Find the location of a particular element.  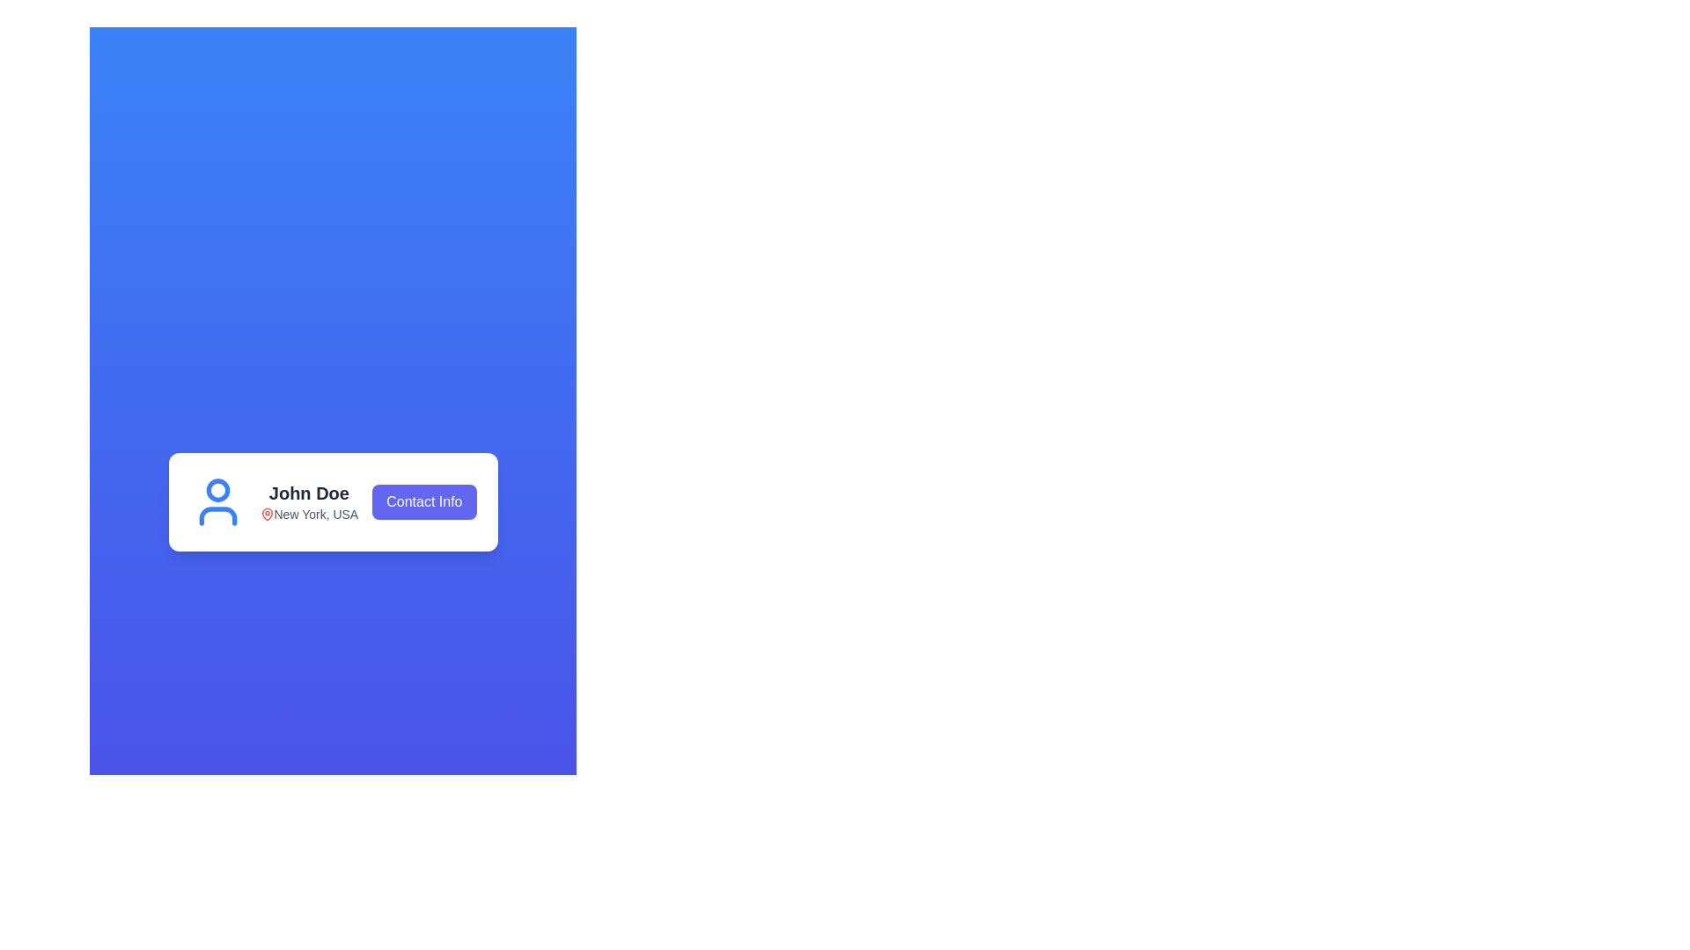

the Text display that shows the username 'John Doe' and location 'New York, USA', which is centrally located in the layout, positioned between the user icon and the 'Contact Info' button is located at coordinates (309, 501).